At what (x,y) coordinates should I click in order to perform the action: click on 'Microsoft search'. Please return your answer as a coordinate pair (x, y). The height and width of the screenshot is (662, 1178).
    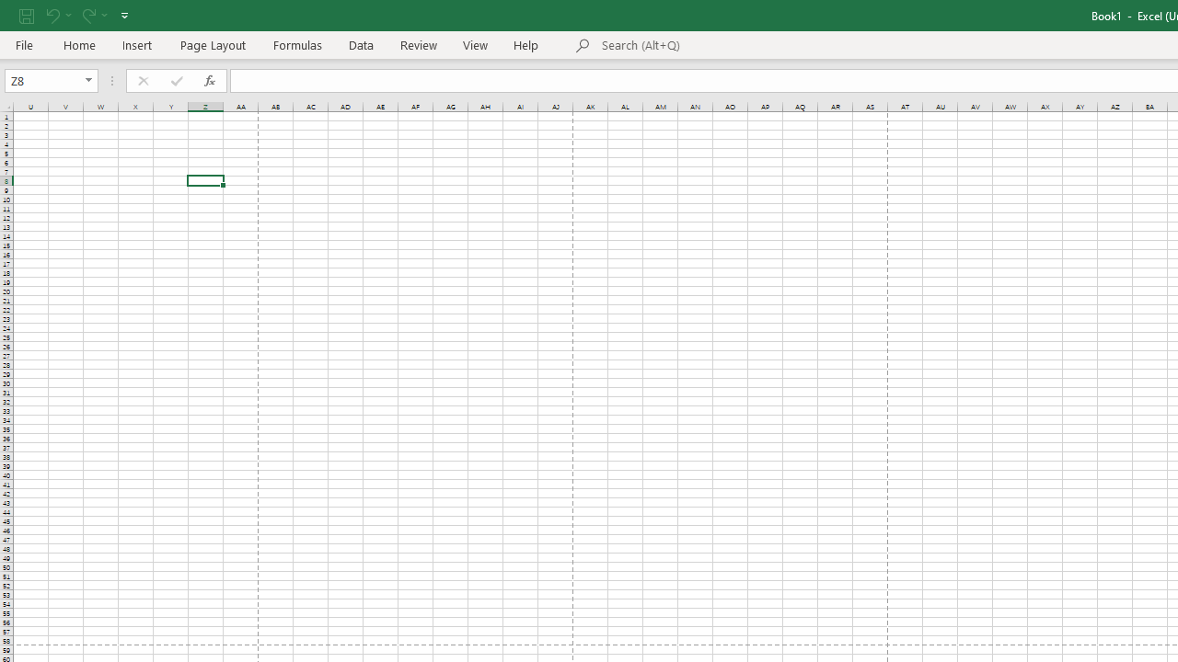
    Looking at the image, I should click on (728, 45).